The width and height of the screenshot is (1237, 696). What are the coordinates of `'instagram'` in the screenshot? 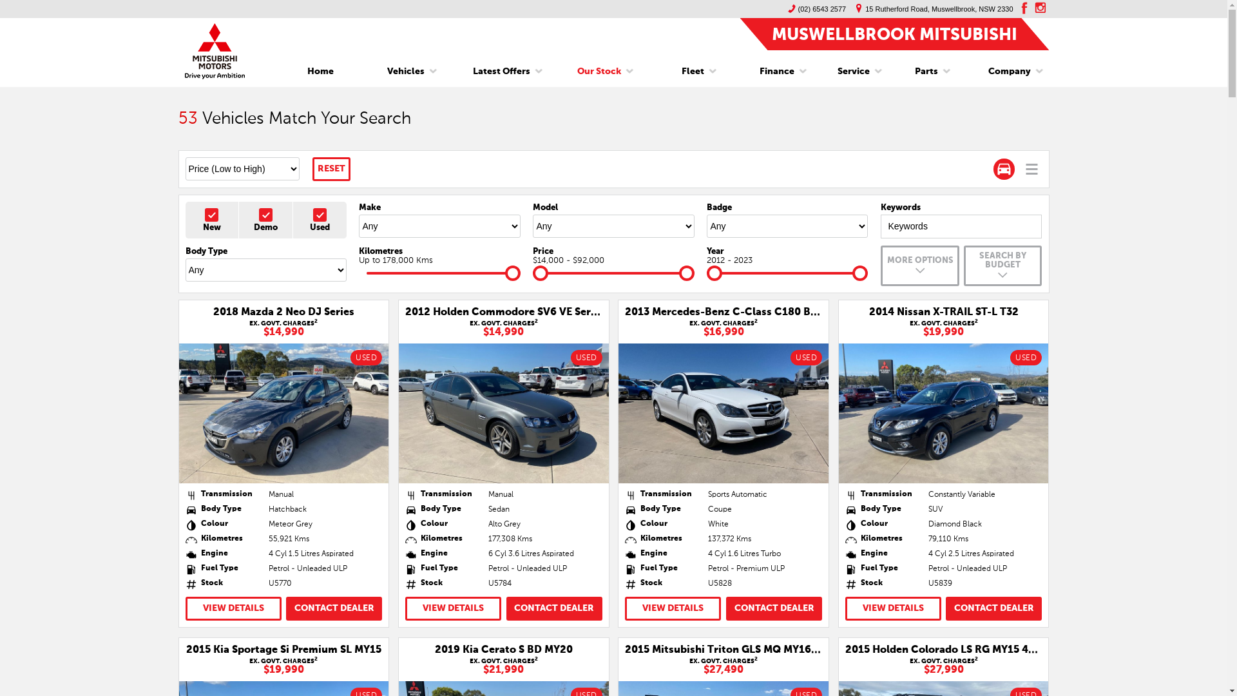 It's located at (1040, 7).